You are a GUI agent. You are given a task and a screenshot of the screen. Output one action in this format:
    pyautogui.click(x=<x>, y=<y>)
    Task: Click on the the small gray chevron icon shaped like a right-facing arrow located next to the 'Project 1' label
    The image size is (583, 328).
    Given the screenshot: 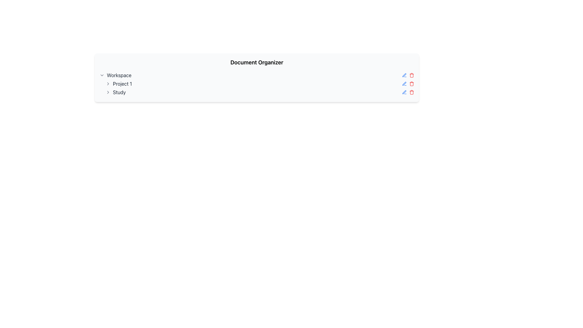 What is the action you would take?
    pyautogui.click(x=108, y=84)
    